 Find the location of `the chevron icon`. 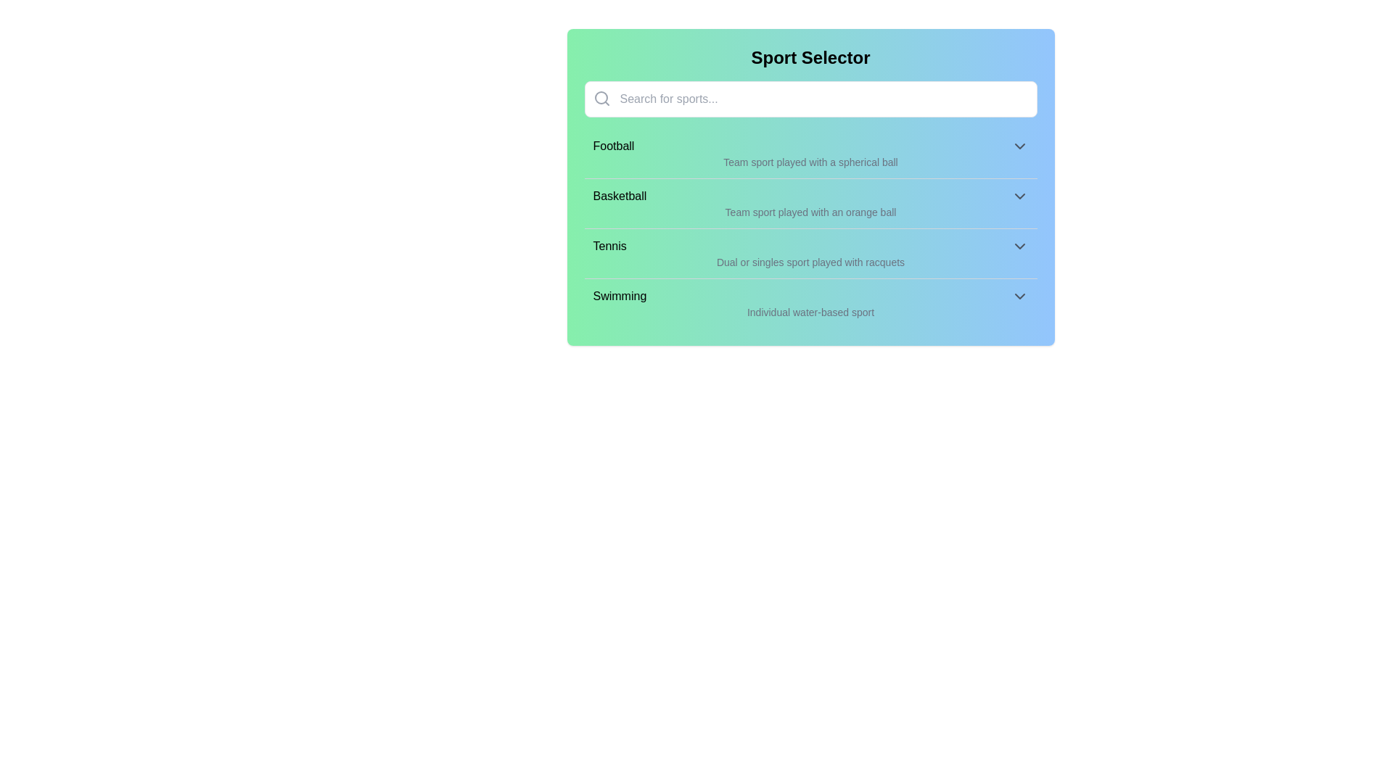

the chevron icon is located at coordinates (1019, 196).